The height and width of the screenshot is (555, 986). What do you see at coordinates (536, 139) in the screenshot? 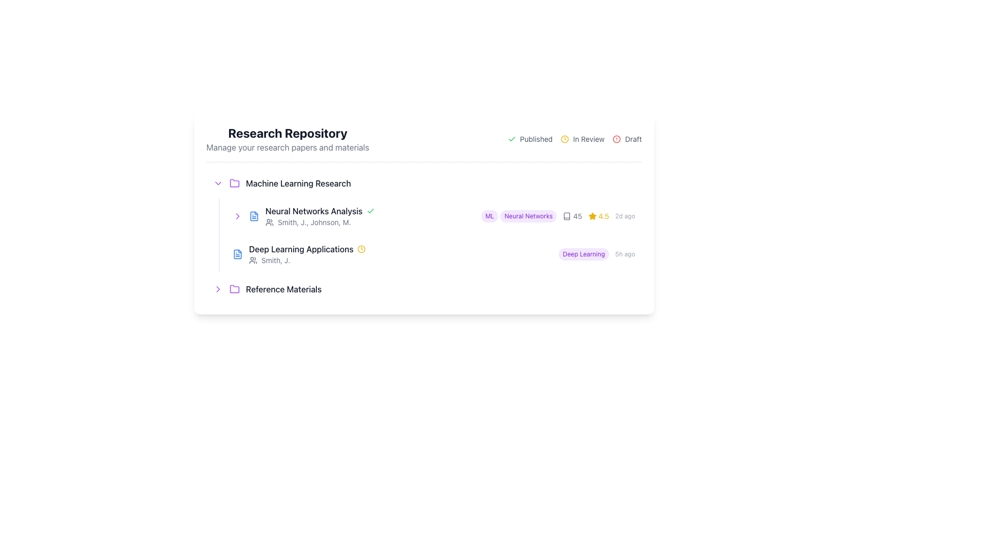
I see `the 'Published' status text label located at the top right corner of the main content area, adjacent to other status labels and following a green checkmark icon` at bounding box center [536, 139].